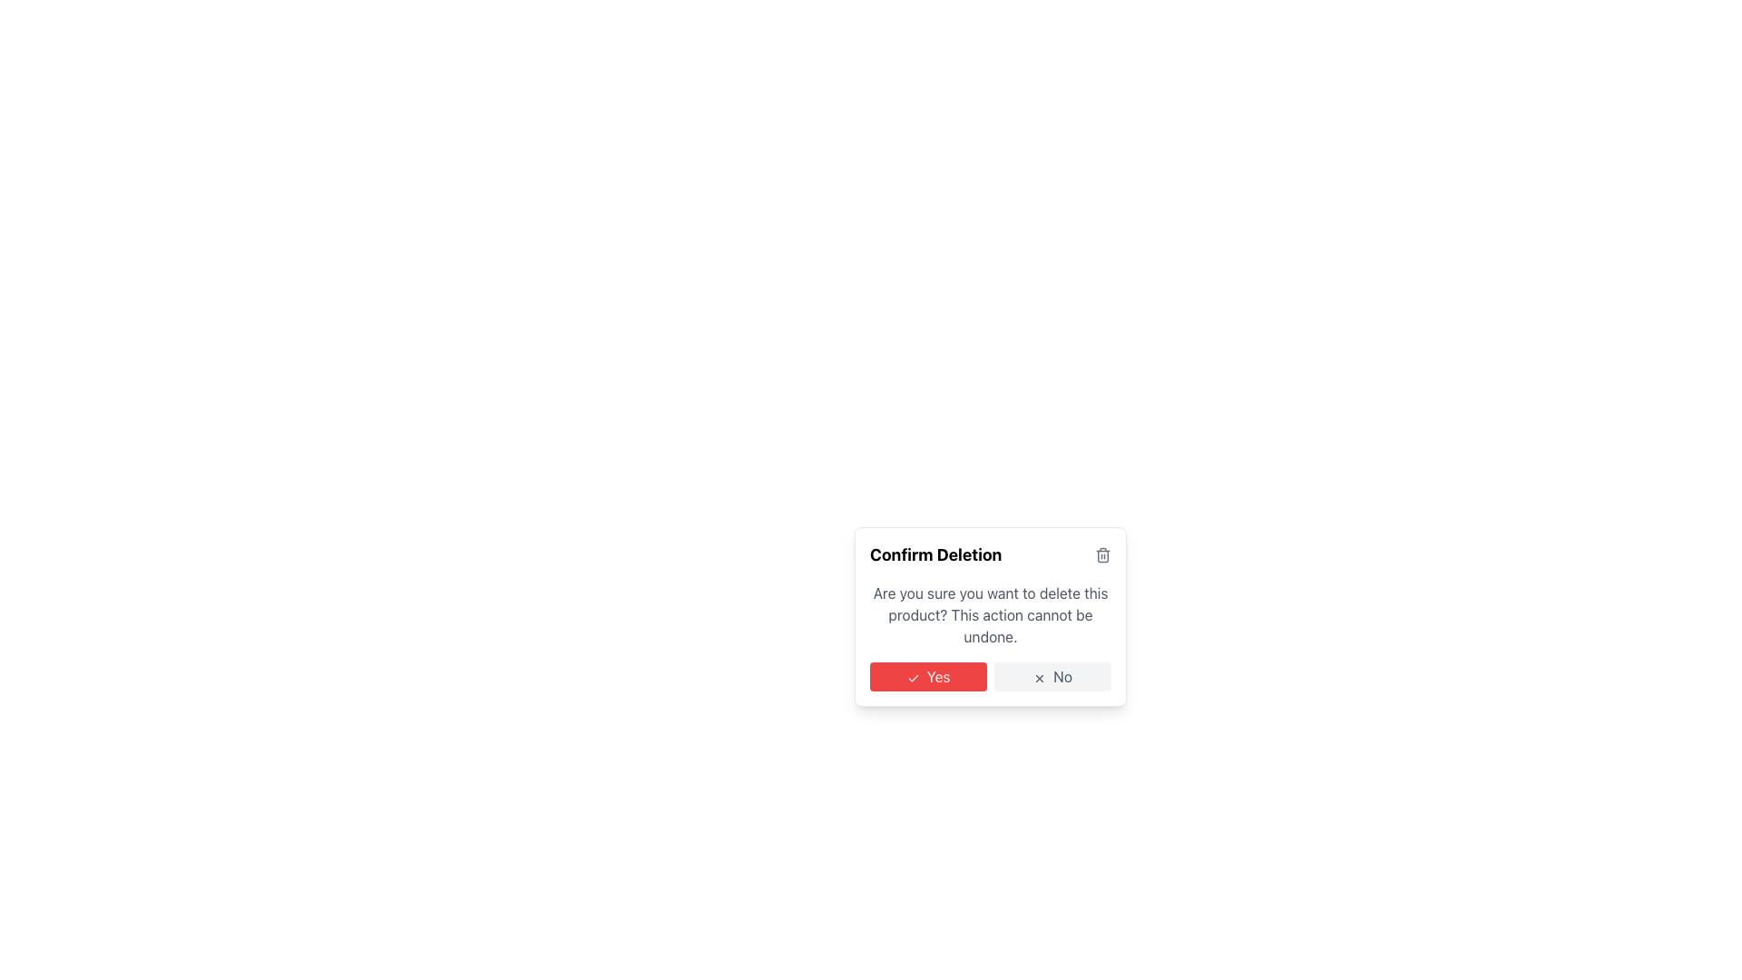 This screenshot has width=1742, height=980. Describe the element at coordinates (989, 554) in the screenshot. I see `the 'Confirm Deletion' heading element, which displays bold text and is located at the top of a modal dialog box` at that location.